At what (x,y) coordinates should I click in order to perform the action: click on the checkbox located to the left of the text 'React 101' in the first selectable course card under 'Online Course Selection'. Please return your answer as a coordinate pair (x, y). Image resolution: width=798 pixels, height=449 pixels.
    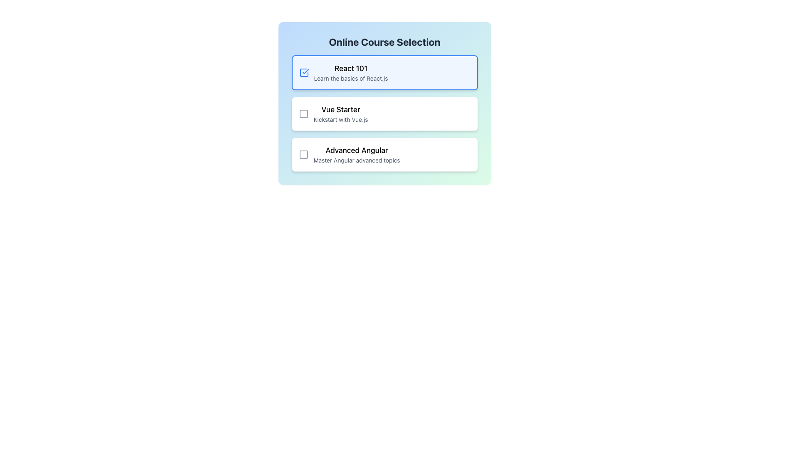
    Looking at the image, I should click on (303, 72).